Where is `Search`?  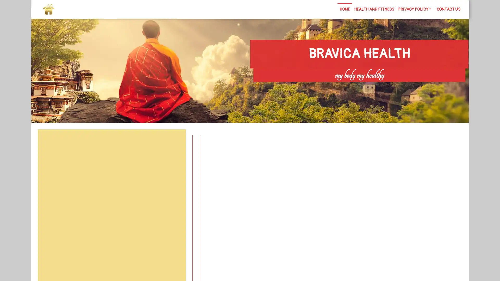
Search is located at coordinates (174, 142).